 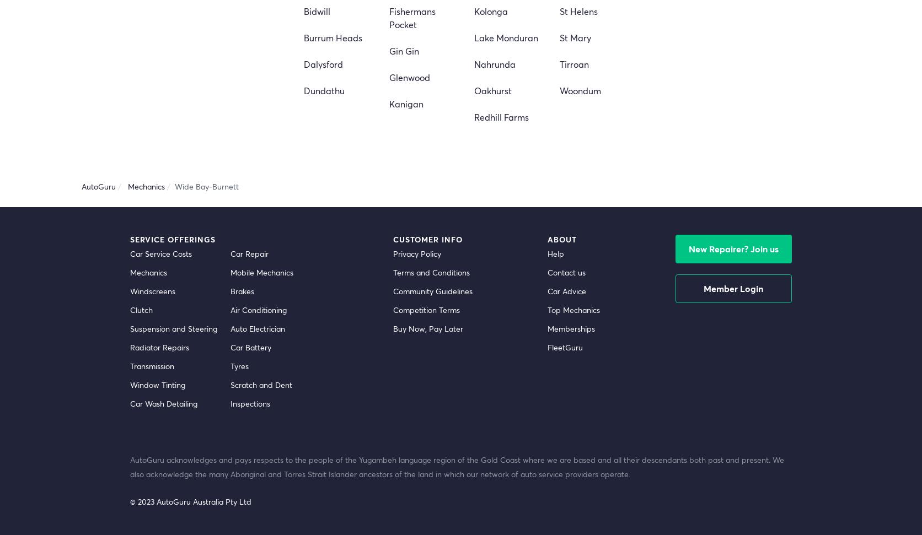 What do you see at coordinates (163, 402) in the screenshot?
I see `'Car Wash Detailing'` at bounding box center [163, 402].